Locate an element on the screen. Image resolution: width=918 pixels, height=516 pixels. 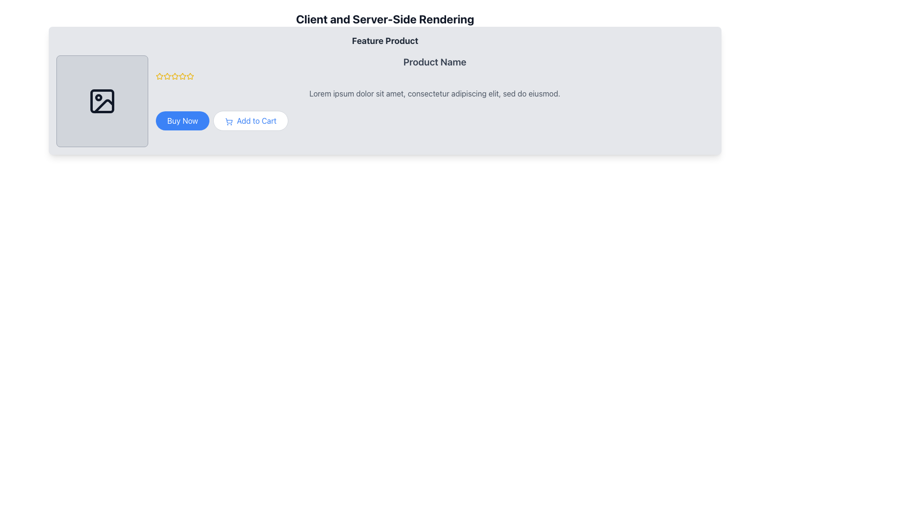
the third star in a horizontal row of five stars on the product card is located at coordinates (160, 75).